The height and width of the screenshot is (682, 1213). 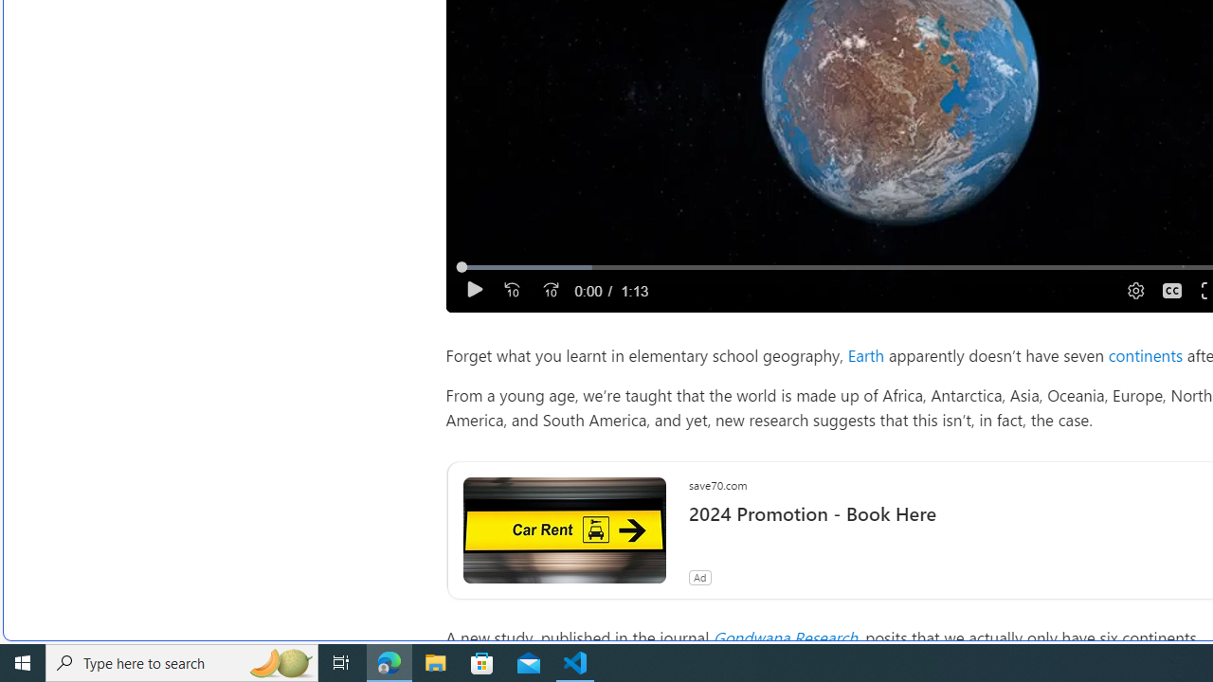 I want to click on 'Captions', so click(x=1170, y=290).